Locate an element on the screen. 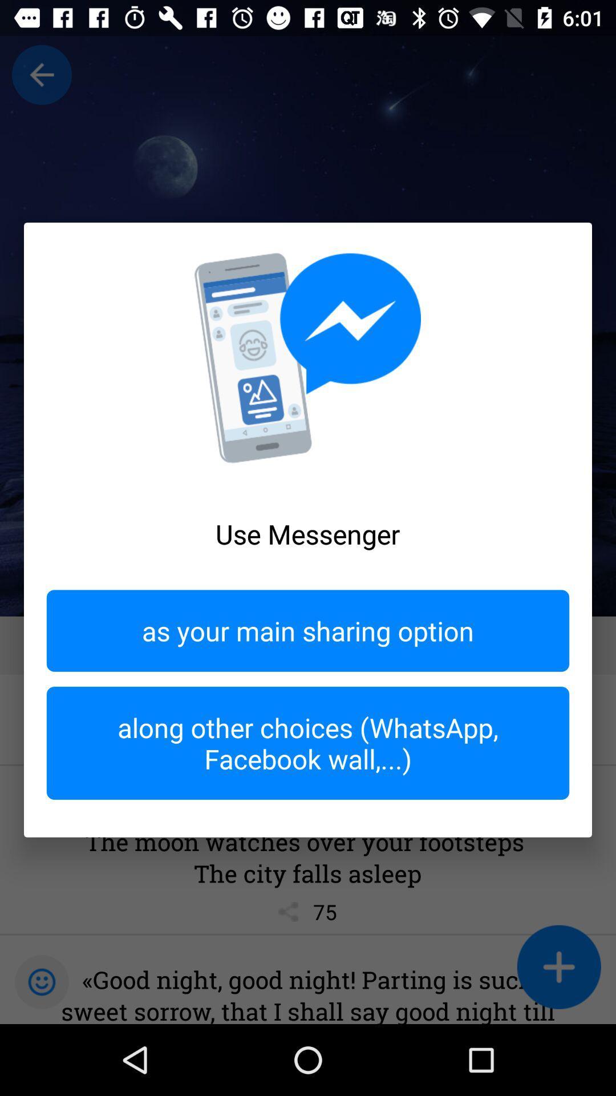 The width and height of the screenshot is (616, 1096). the item below as your main icon is located at coordinates (308, 743).